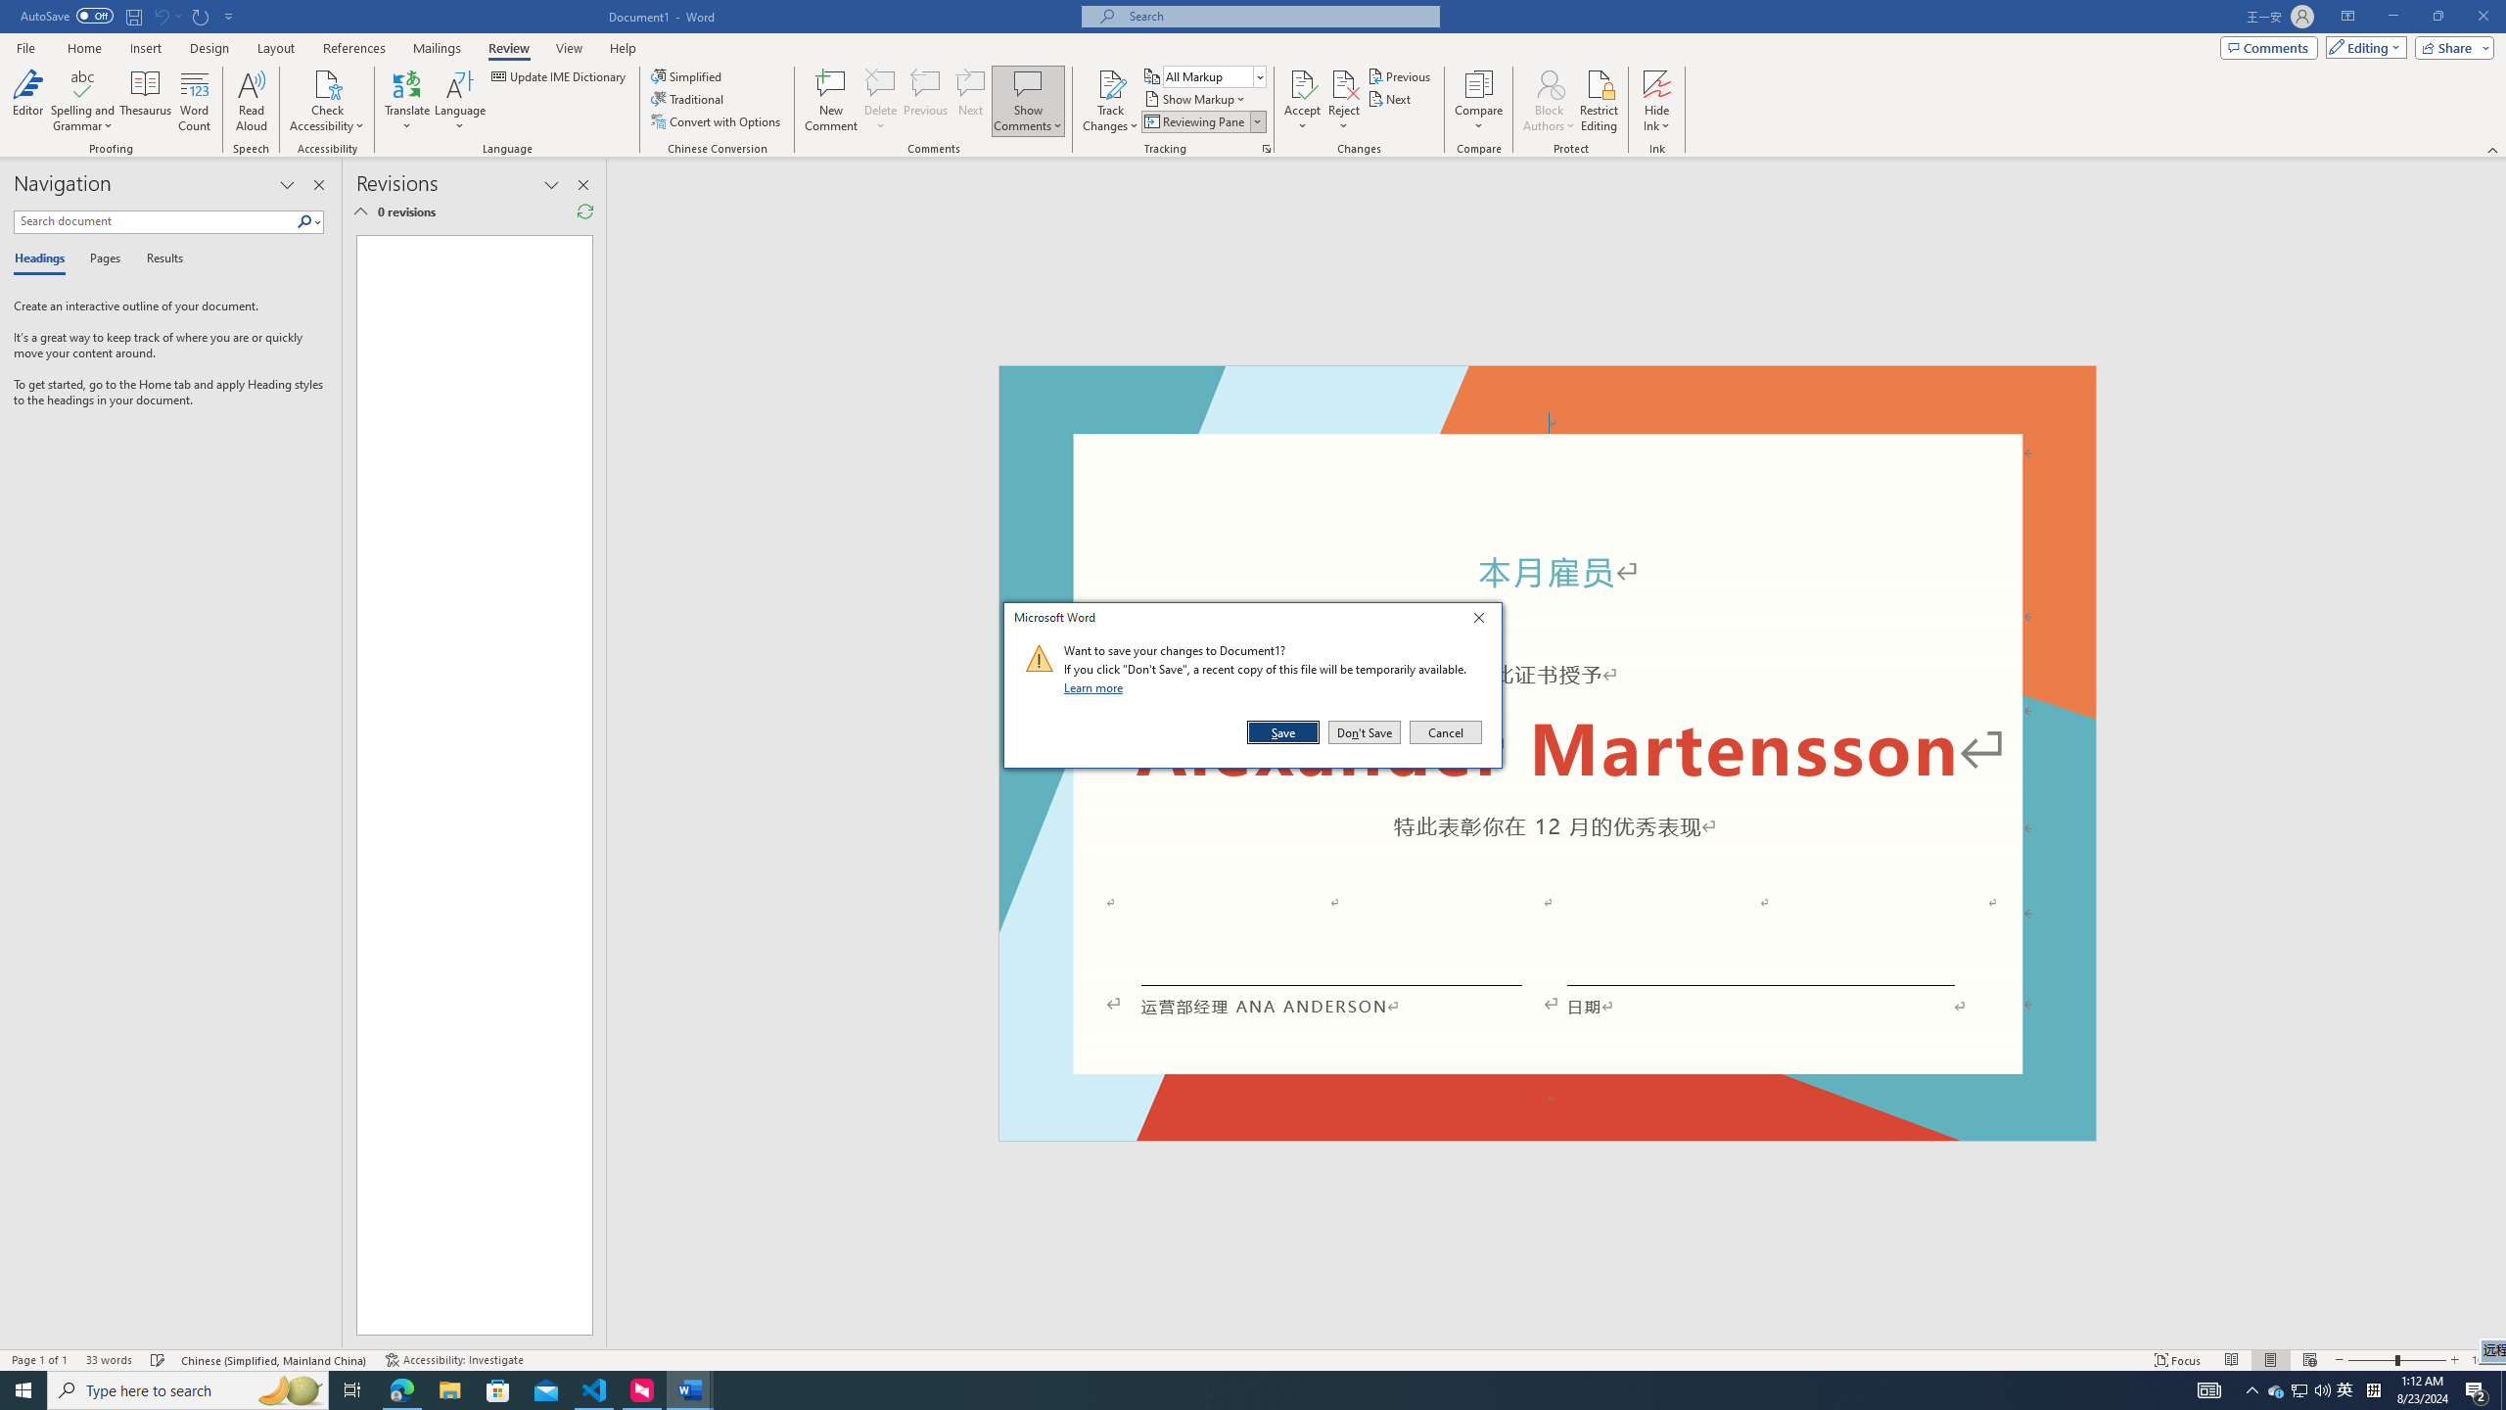 This screenshot has height=1410, width=2506. What do you see at coordinates (2437, 16) in the screenshot?
I see `'Restore Down'` at bounding box center [2437, 16].